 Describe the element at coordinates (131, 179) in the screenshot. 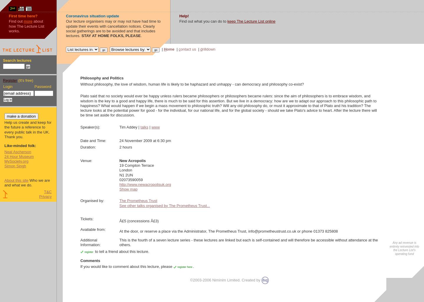

I see `'02073590059'` at that location.